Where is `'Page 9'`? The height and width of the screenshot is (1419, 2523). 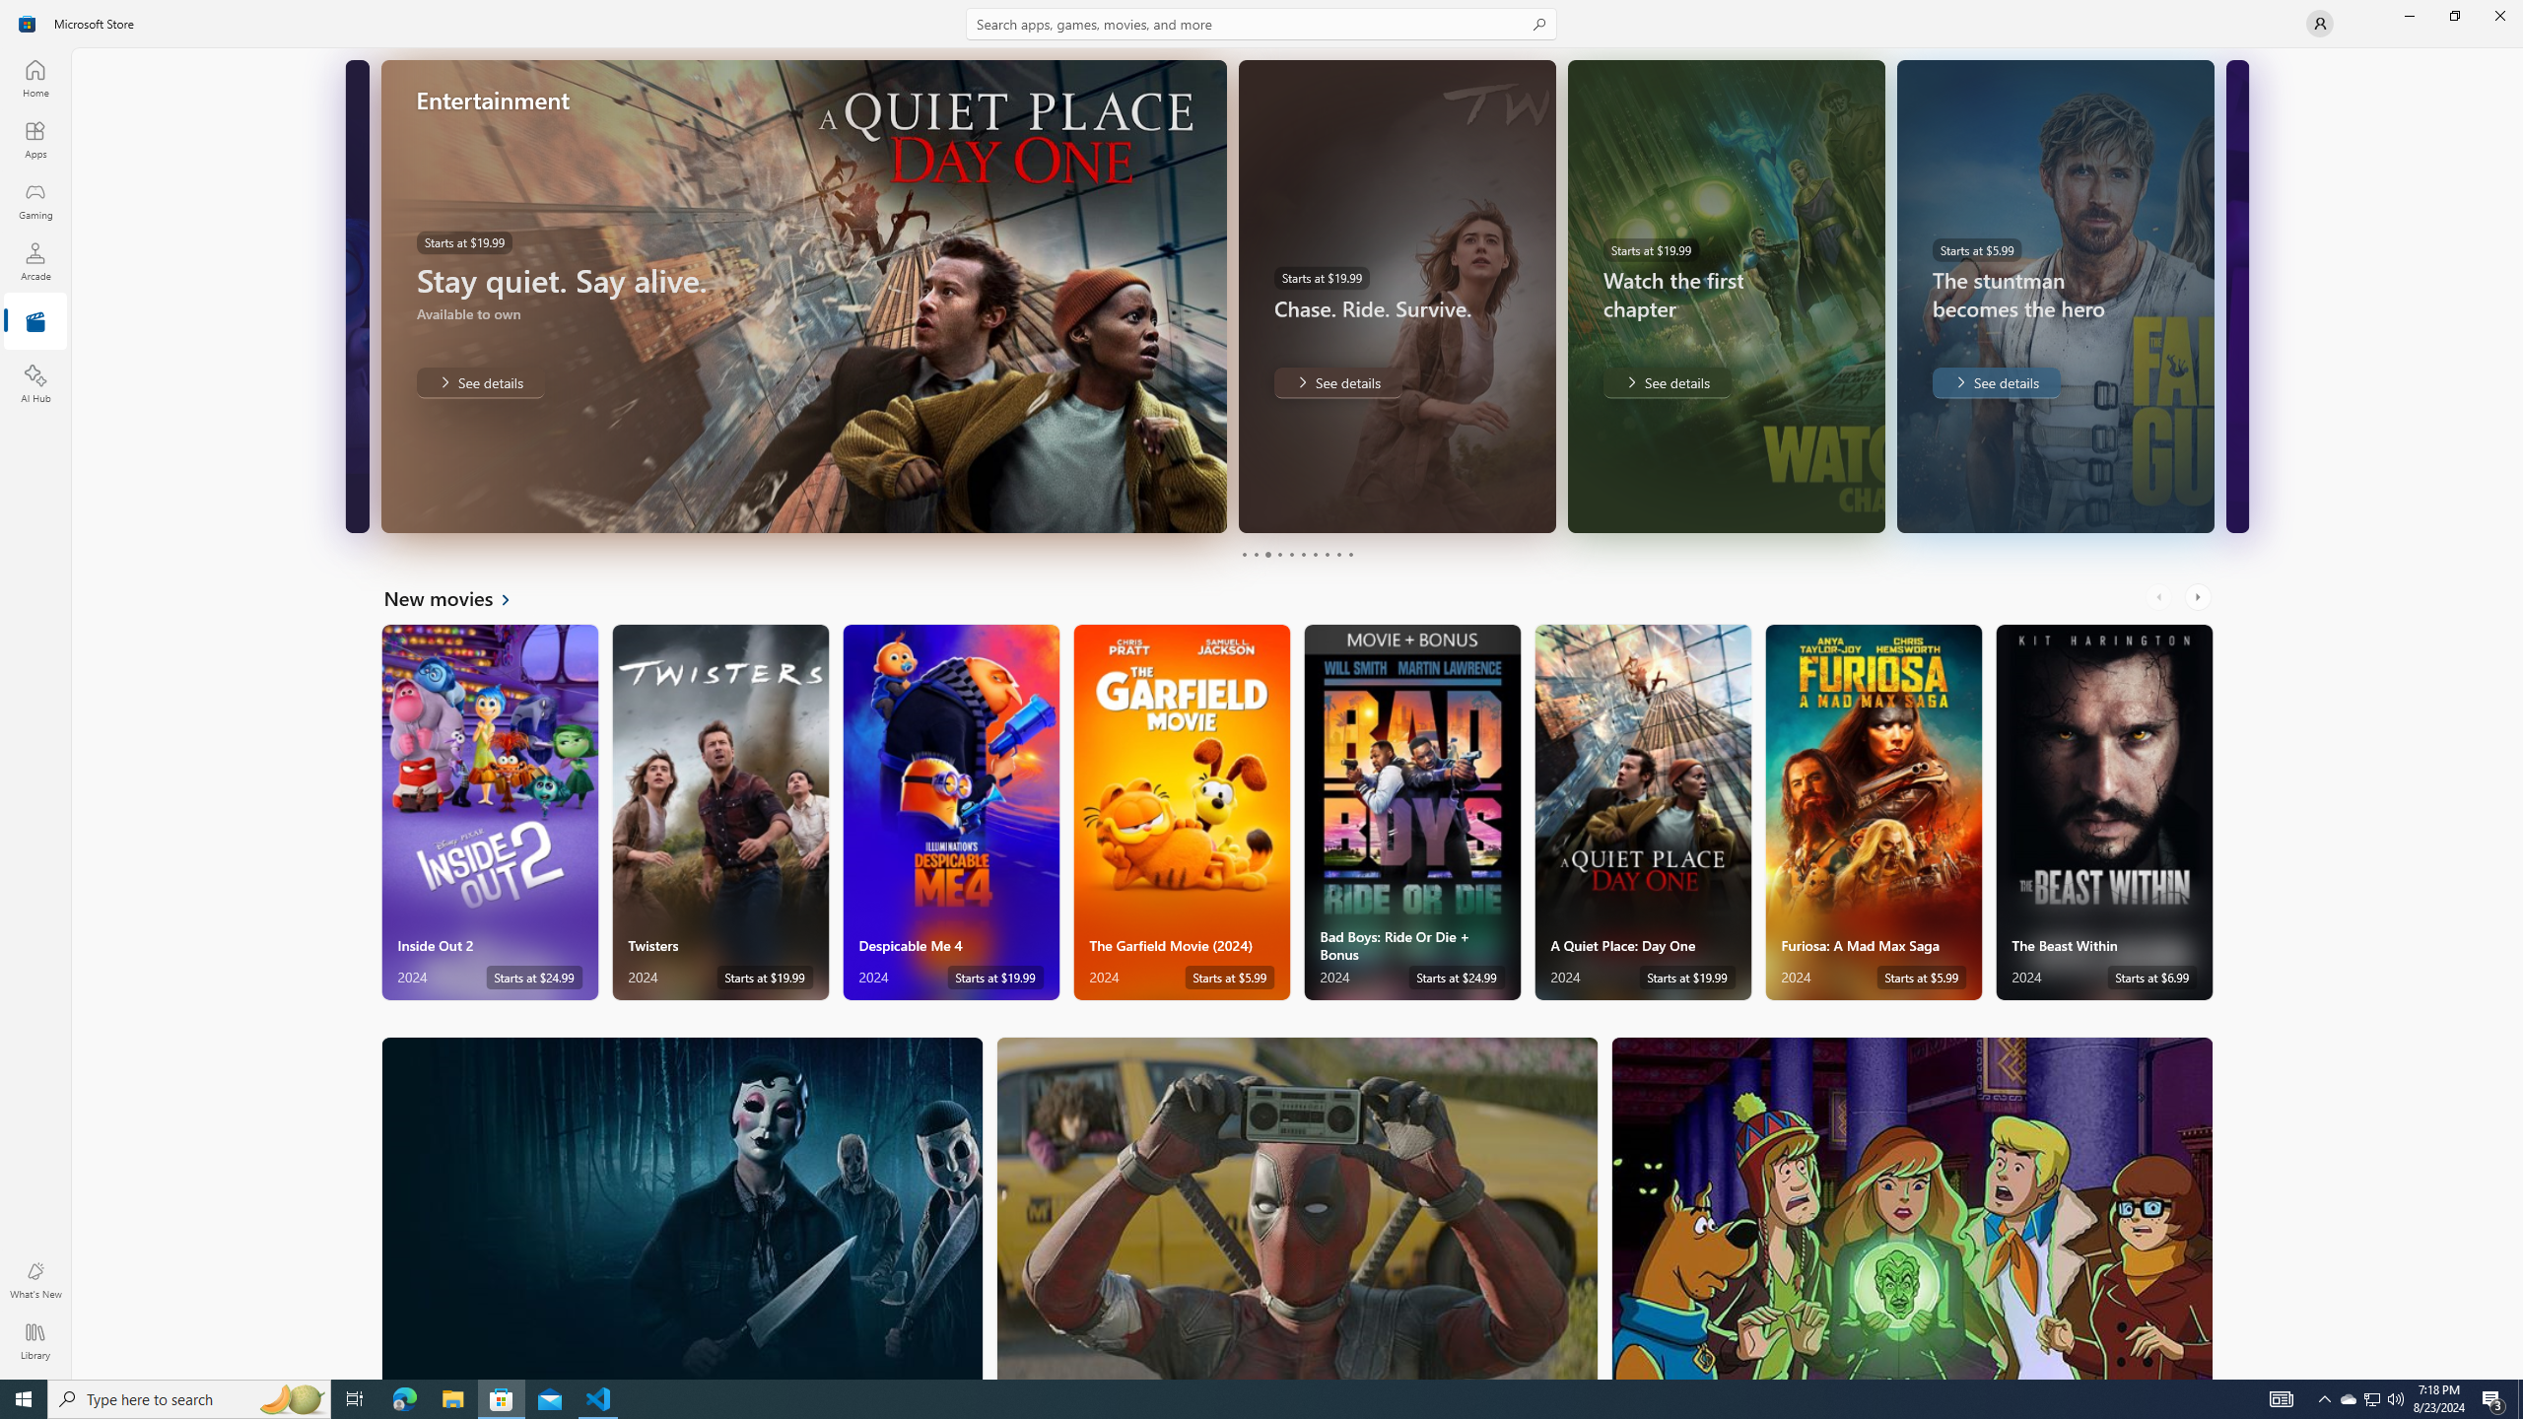 'Page 9' is located at coordinates (1337, 554).